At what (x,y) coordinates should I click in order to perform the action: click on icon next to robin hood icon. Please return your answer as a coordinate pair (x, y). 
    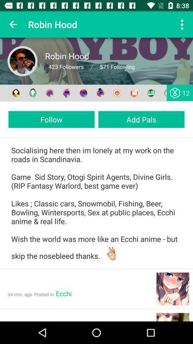
    Looking at the image, I should click on (13, 24).